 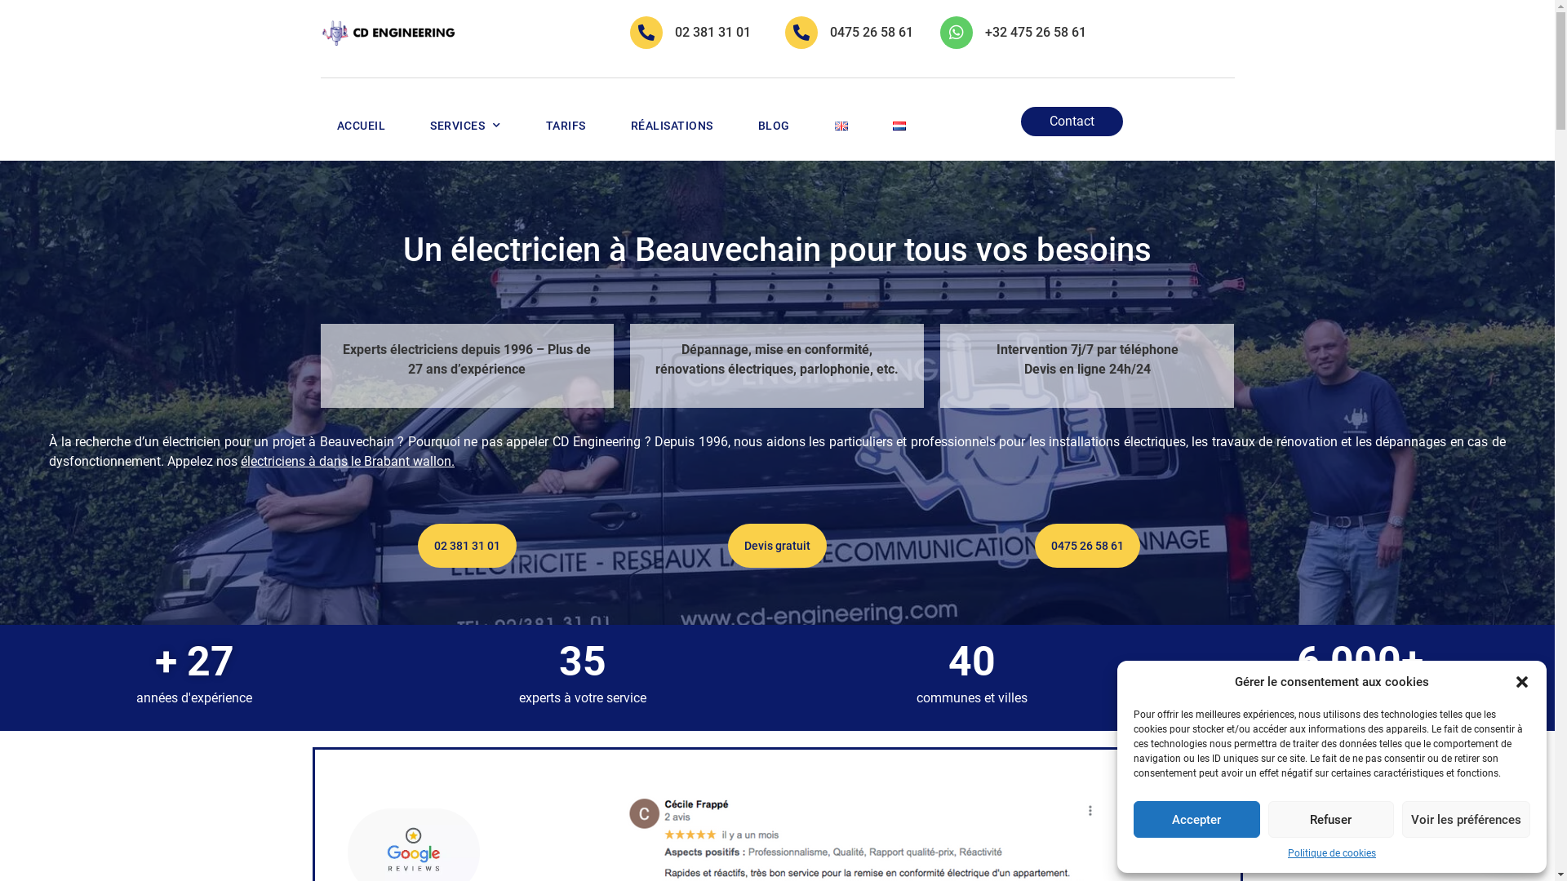 What do you see at coordinates (1287, 852) in the screenshot?
I see `'Politique de cookies'` at bounding box center [1287, 852].